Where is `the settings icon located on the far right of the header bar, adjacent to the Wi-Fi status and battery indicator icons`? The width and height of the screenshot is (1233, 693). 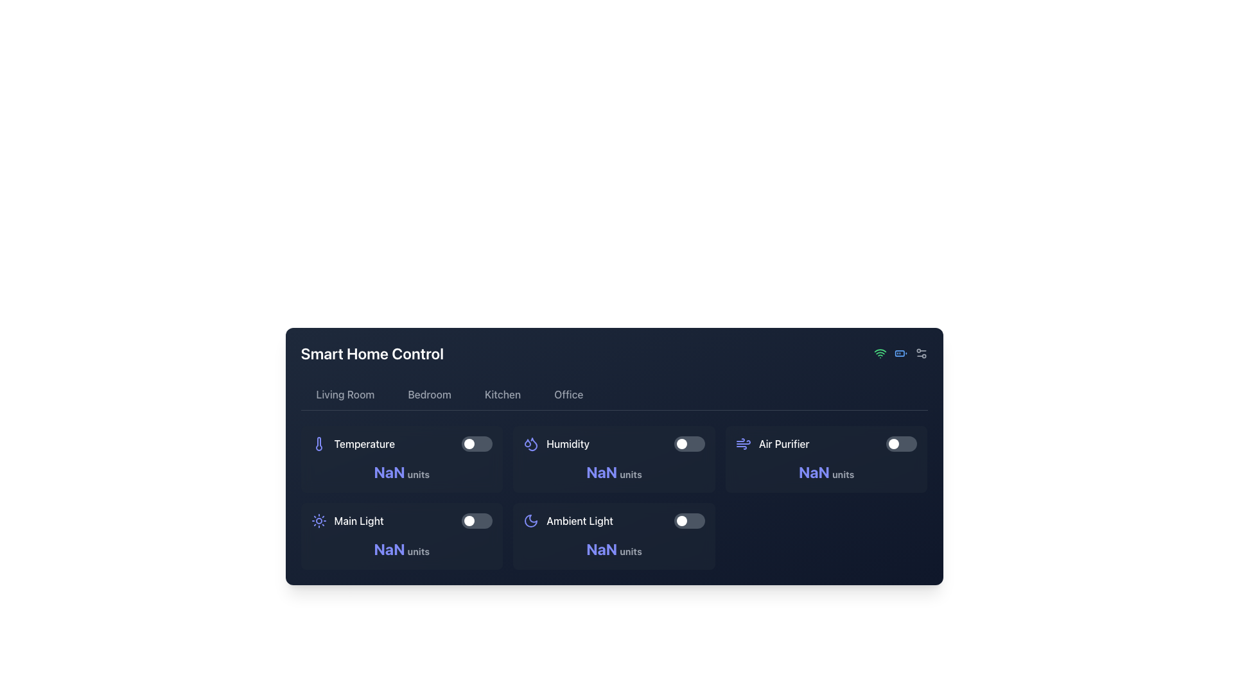
the settings icon located on the far right of the header bar, adjacent to the Wi-Fi status and battery indicator icons is located at coordinates (920, 354).